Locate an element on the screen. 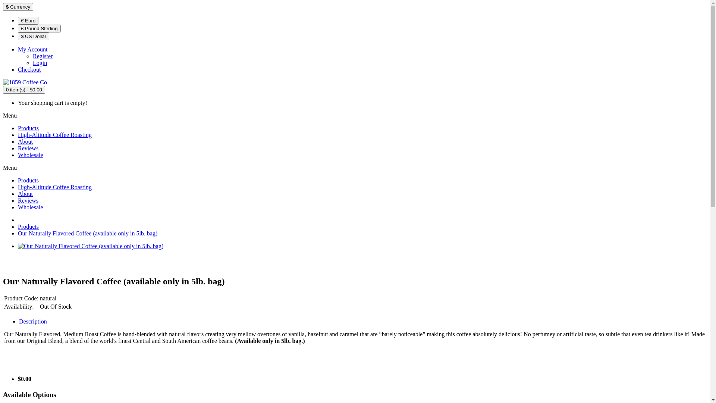 Image resolution: width=716 pixels, height=403 pixels. 'About' is located at coordinates (25, 193).